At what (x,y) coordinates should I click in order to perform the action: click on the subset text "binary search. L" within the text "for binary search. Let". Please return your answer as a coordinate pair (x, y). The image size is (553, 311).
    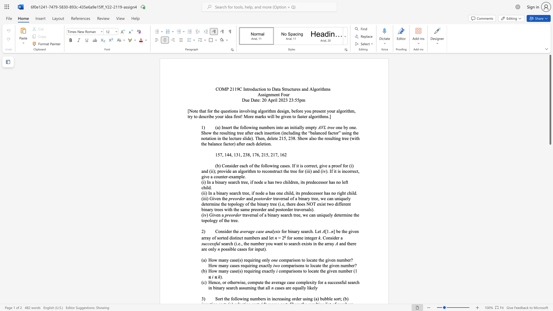
    Looking at the image, I should click on (288, 231).